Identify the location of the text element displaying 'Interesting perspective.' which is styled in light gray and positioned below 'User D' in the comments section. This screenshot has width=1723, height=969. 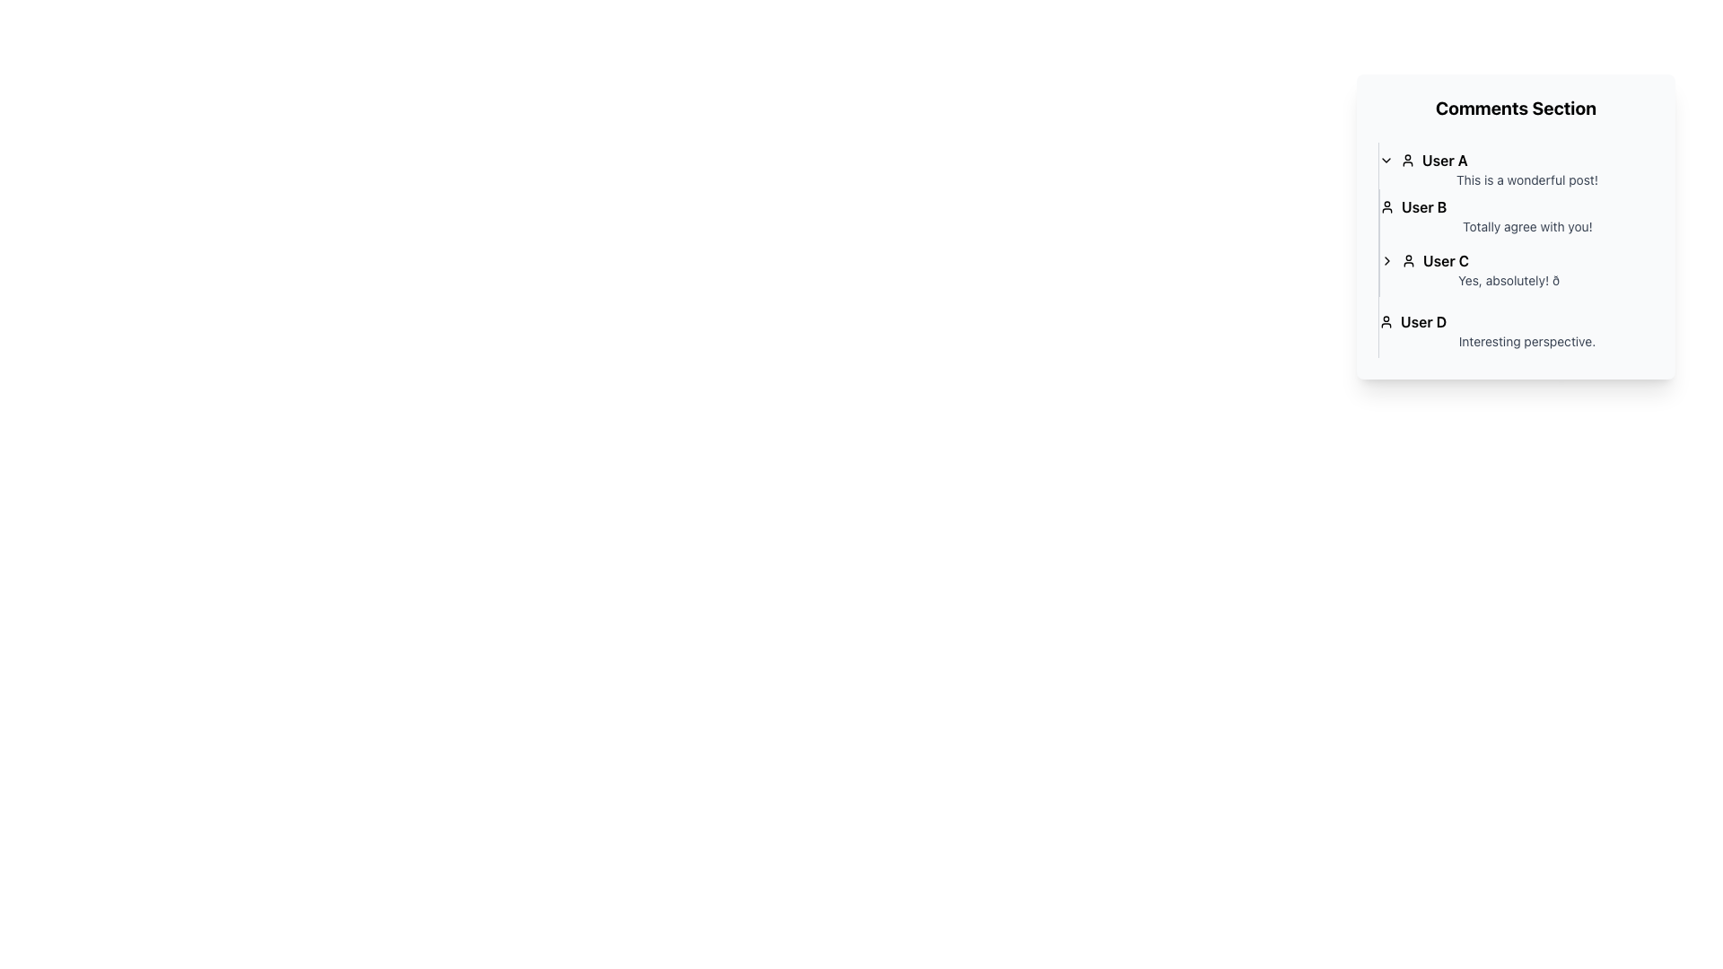
(1515, 342).